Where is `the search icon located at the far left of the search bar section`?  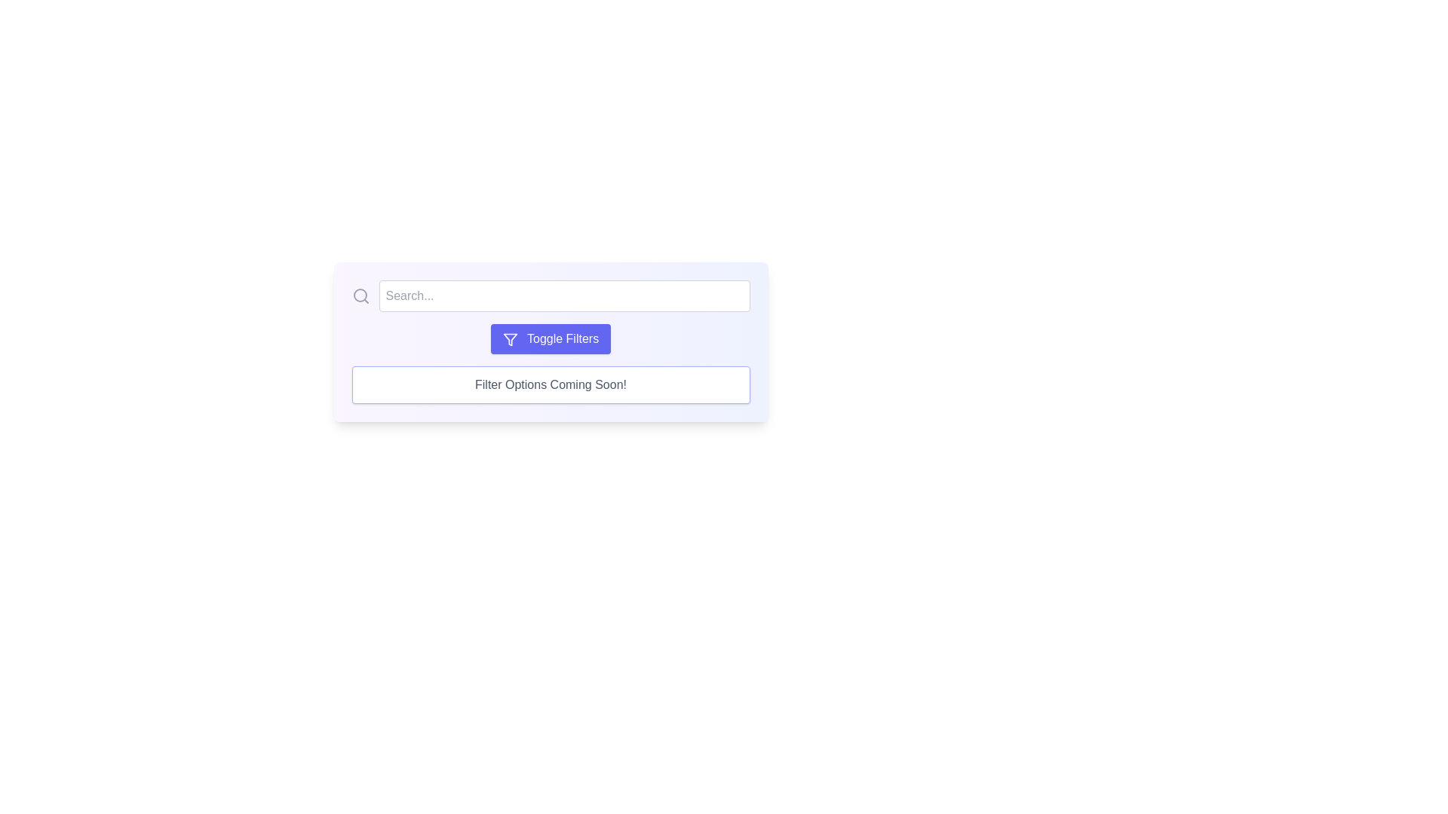 the search icon located at the far left of the search bar section is located at coordinates (360, 296).